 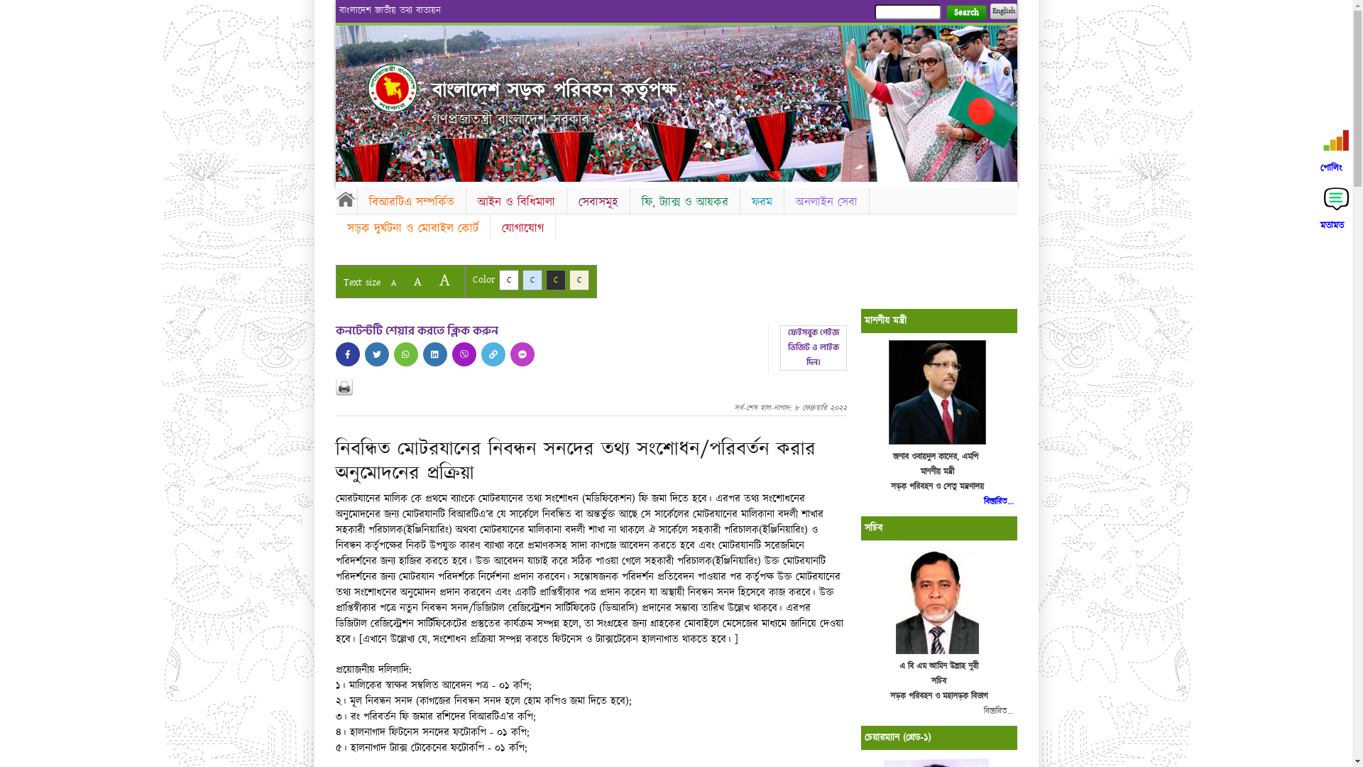 What do you see at coordinates (443, 280) in the screenshot?
I see `'A'` at bounding box center [443, 280].